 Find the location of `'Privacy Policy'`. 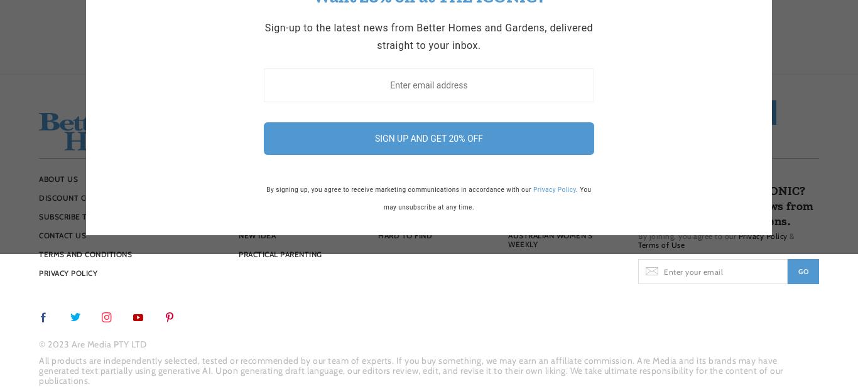

'Privacy Policy' is located at coordinates (68, 272).